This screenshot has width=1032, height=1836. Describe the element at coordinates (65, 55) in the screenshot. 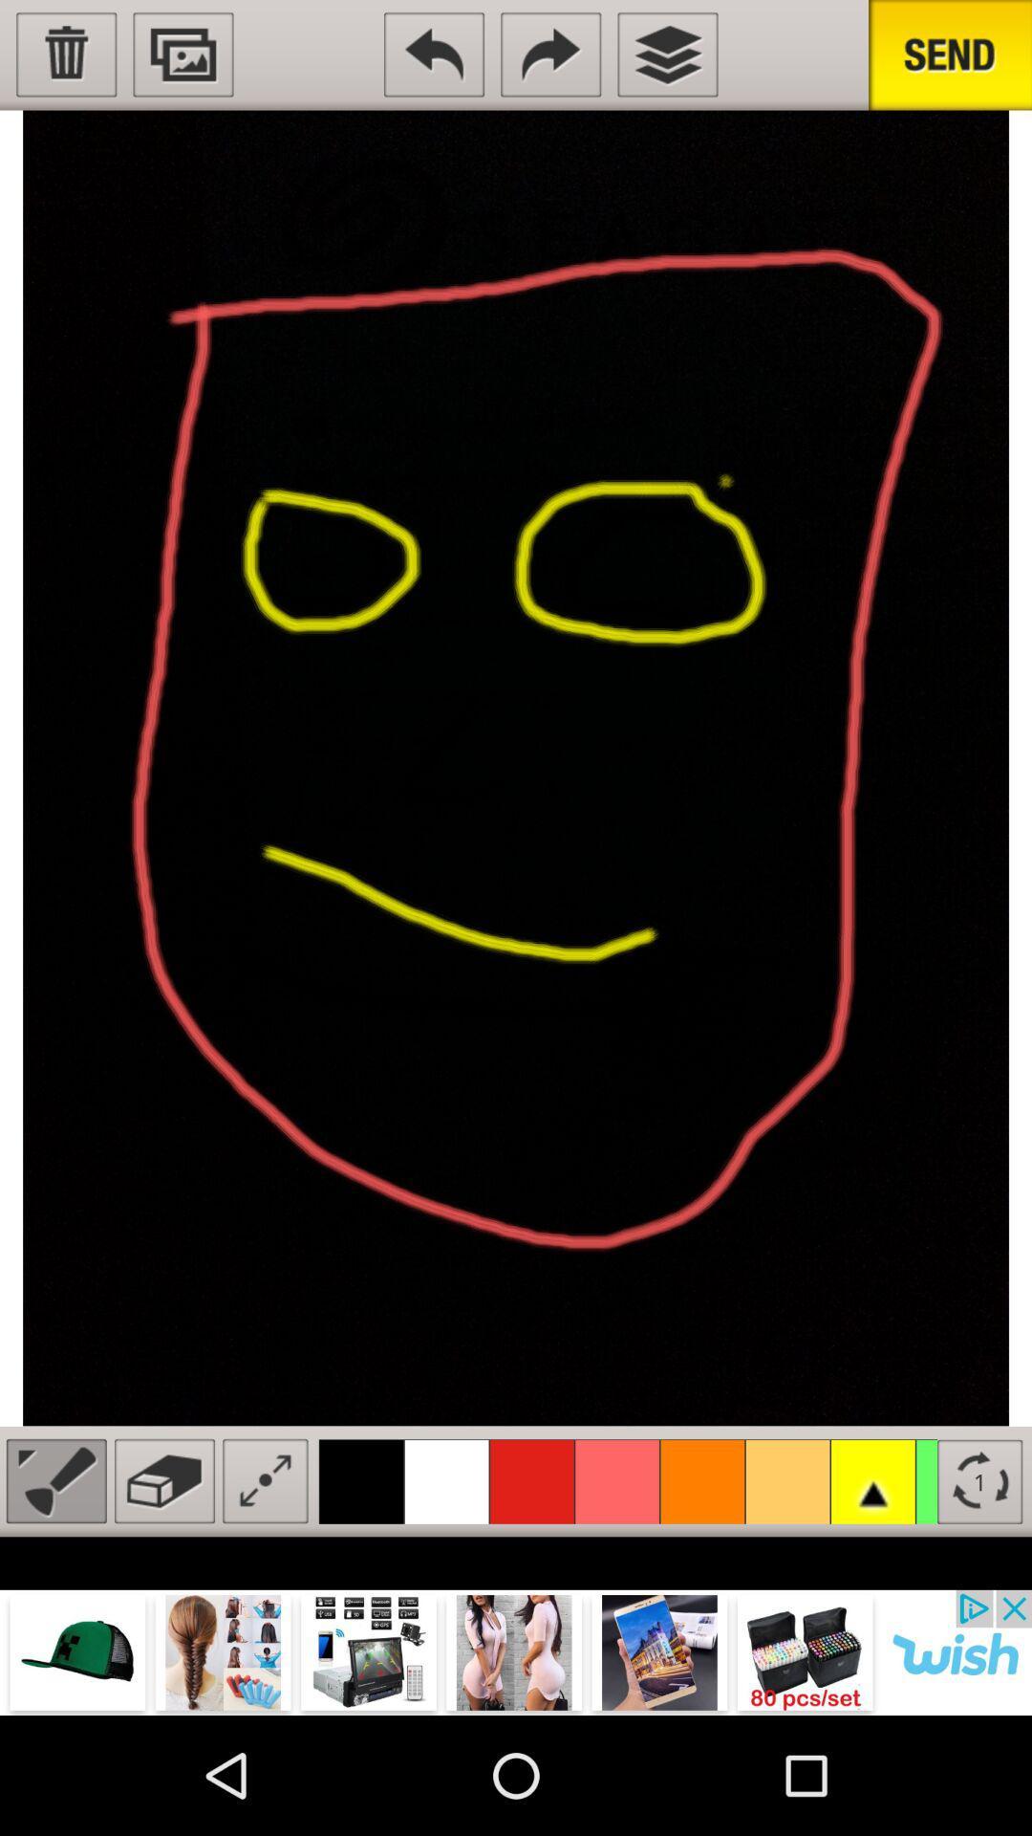

I see `delete image` at that location.